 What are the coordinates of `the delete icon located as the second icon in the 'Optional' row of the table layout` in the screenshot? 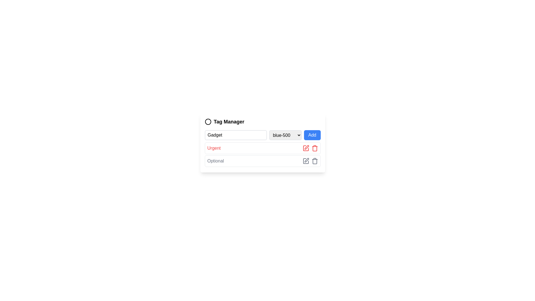 It's located at (315, 161).